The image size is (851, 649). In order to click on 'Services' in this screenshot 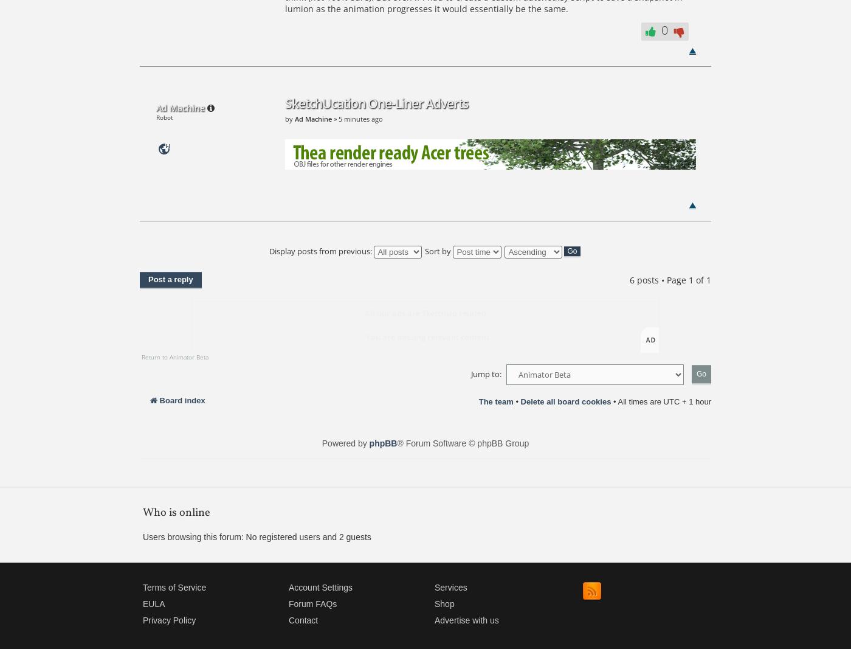, I will do `click(450, 586)`.